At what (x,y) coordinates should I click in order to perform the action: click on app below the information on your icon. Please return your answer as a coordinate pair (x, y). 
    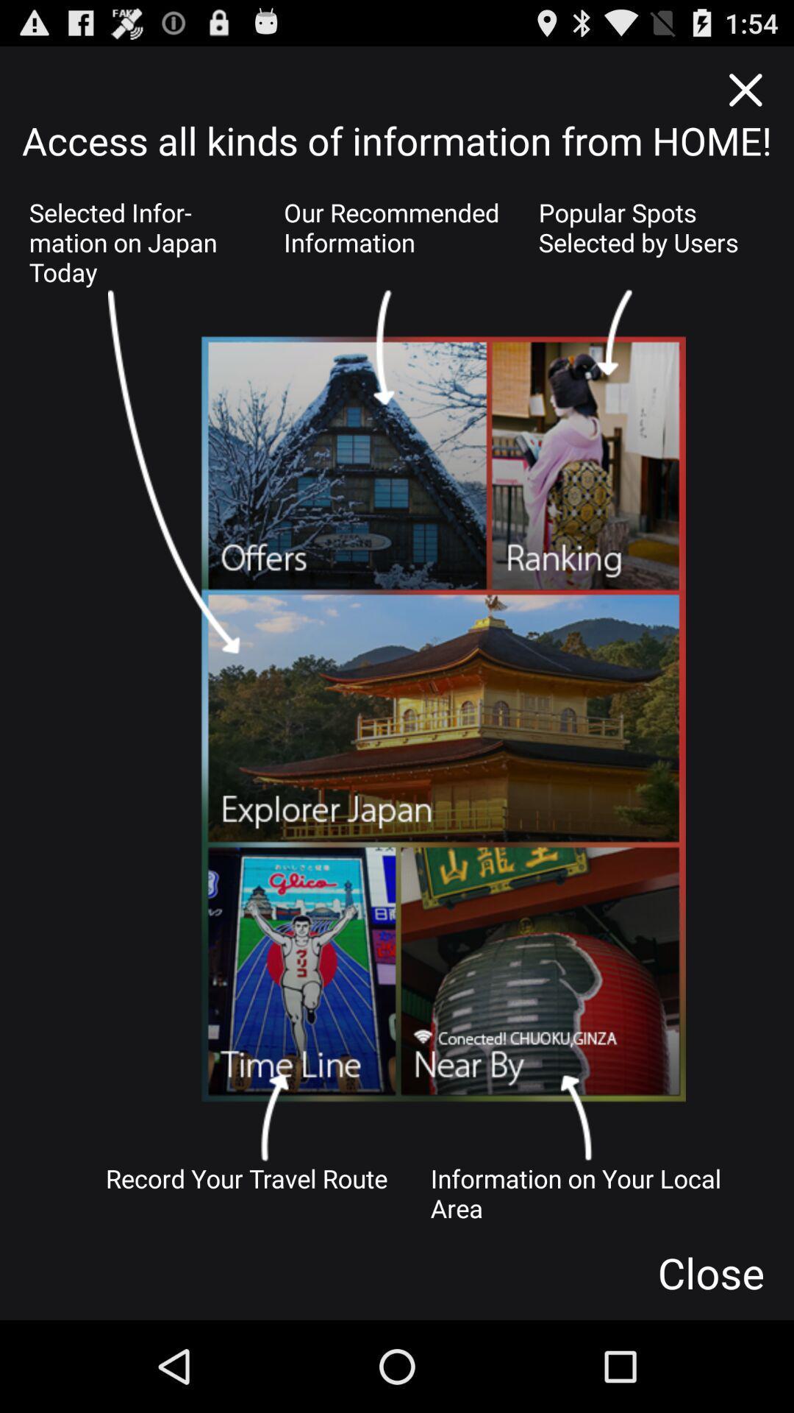
    Looking at the image, I should click on (710, 1272).